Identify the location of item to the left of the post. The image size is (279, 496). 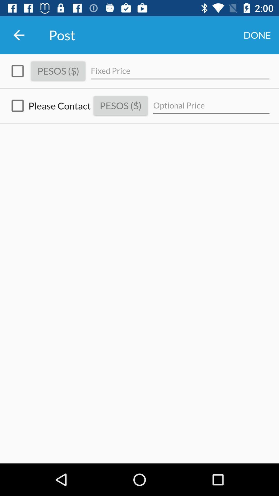
(19, 35).